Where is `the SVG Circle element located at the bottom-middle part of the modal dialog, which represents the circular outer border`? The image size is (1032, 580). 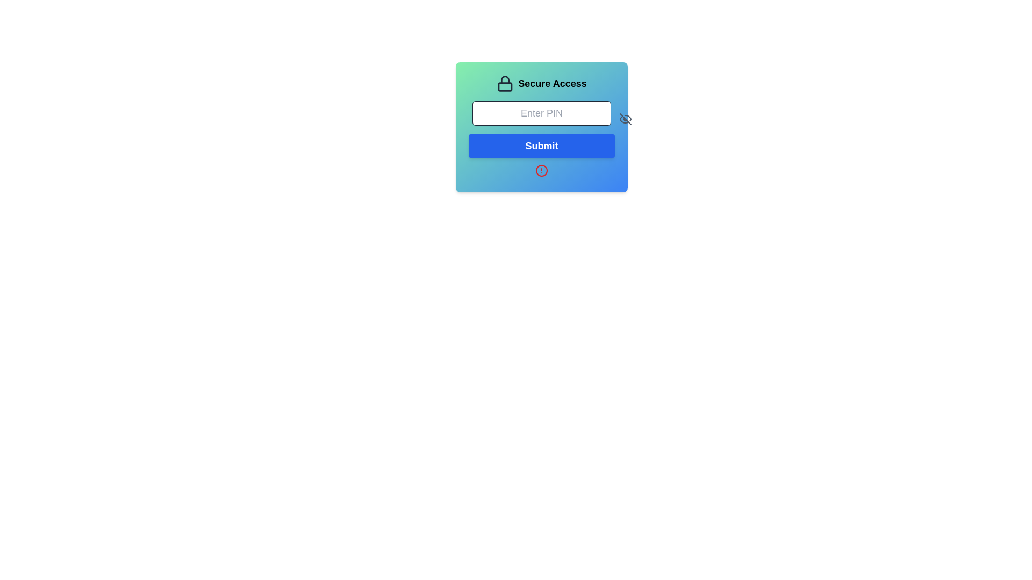 the SVG Circle element located at the bottom-middle part of the modal dialog, which represents the circular outer border is located at coordinates (542, 170).